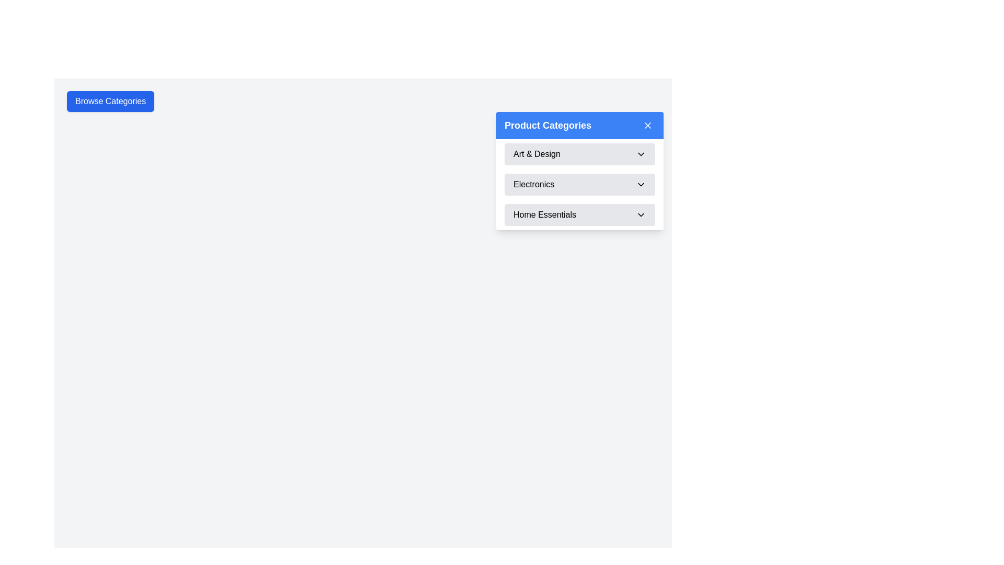  What do you see at coordinates (640, 184) in the screenshot?
I see `the chevron icon located at the right end of the 'Electronics' label` at bounding box center [640, 184].